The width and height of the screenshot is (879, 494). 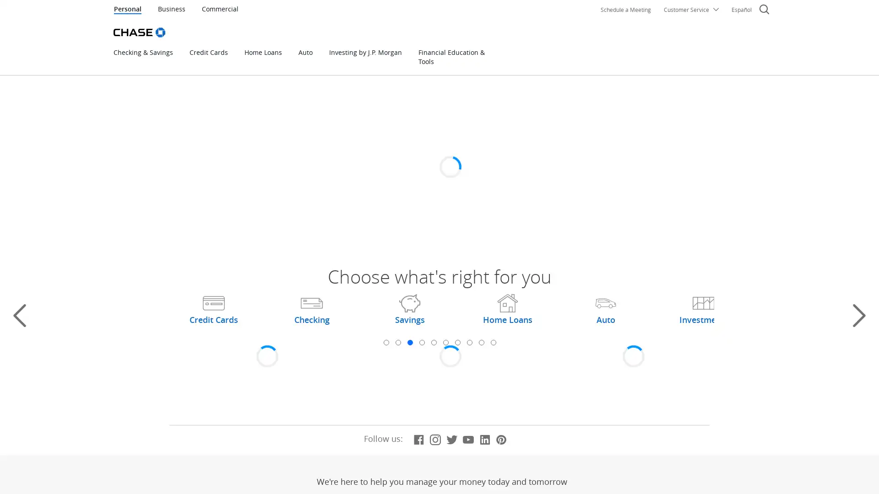 I want to click on Slide 2 of 10, so click(x=397, y=342).